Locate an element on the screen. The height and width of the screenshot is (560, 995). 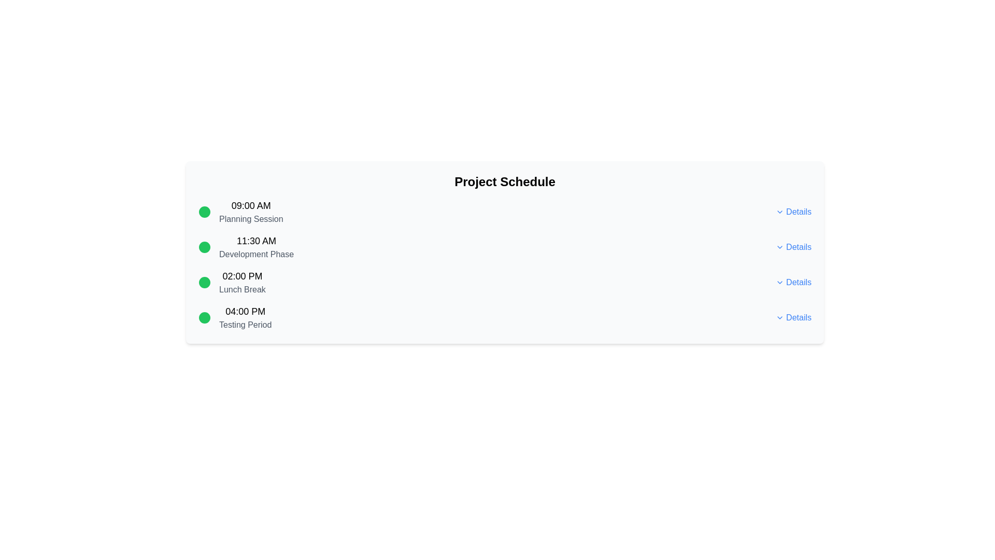
the first green circular graphical indicator in the vertical sequence located at the top left corner of the schedule list is located at coordinates (204, 211).